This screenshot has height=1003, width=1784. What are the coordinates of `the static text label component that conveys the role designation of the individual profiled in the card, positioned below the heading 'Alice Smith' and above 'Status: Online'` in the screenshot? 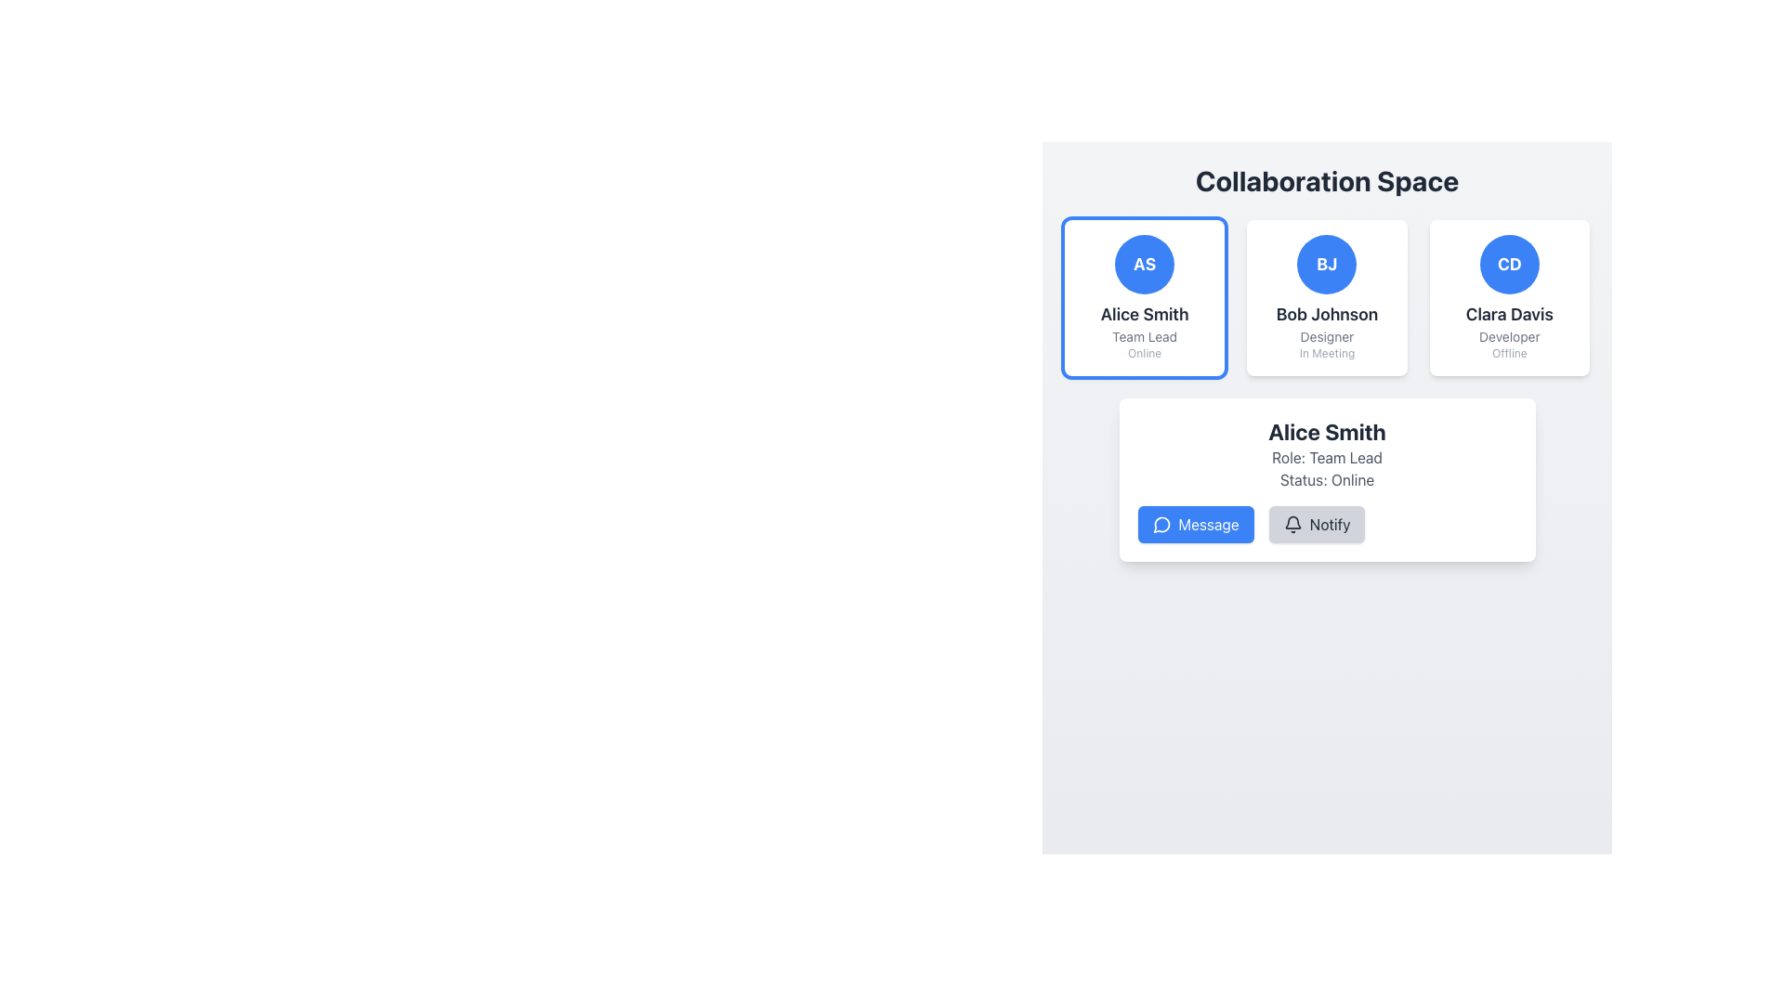 It's located at (1326, 458).